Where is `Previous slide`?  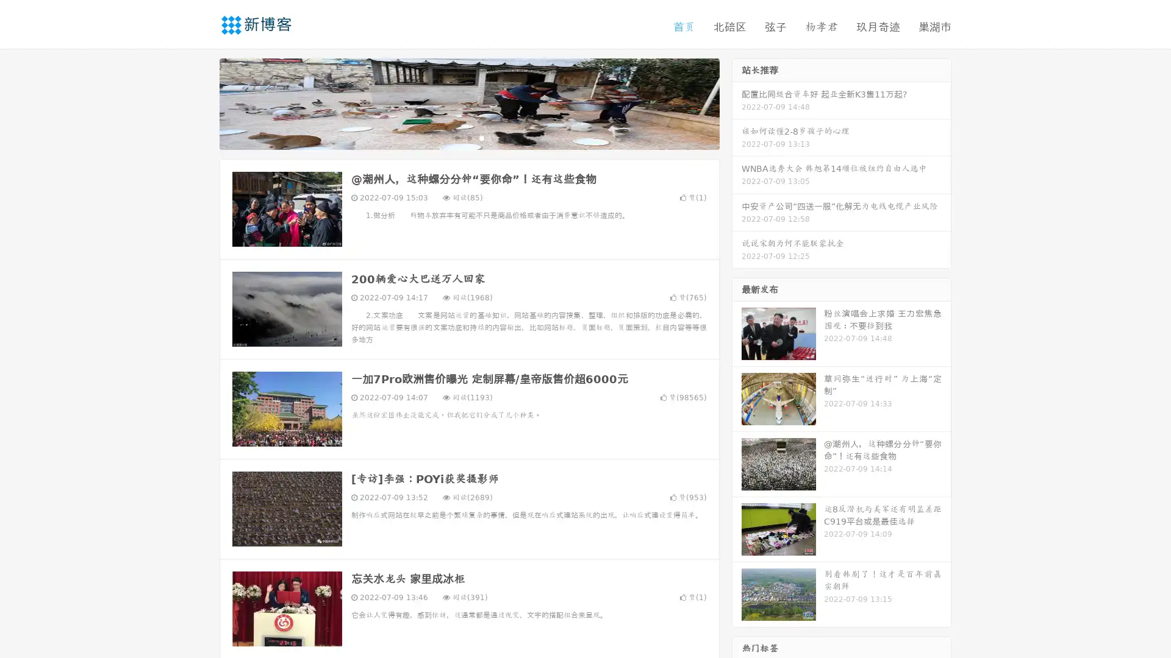
Previous slide is located at coordinates (201, 102).